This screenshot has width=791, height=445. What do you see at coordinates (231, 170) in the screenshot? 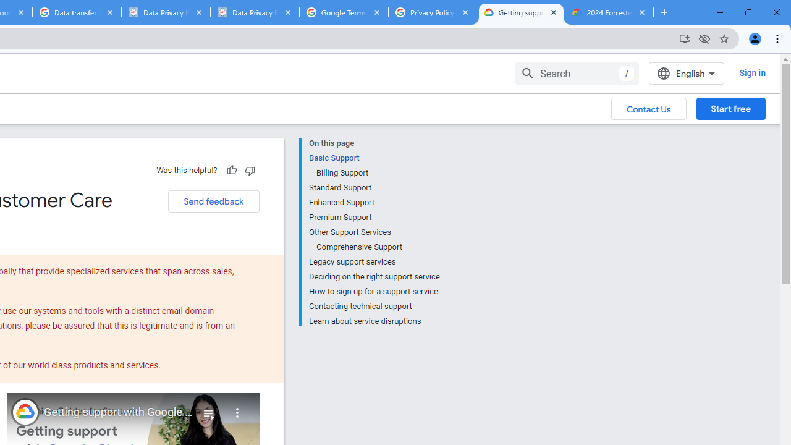
I see `'Helpful'` at bounding box center [231, 170].